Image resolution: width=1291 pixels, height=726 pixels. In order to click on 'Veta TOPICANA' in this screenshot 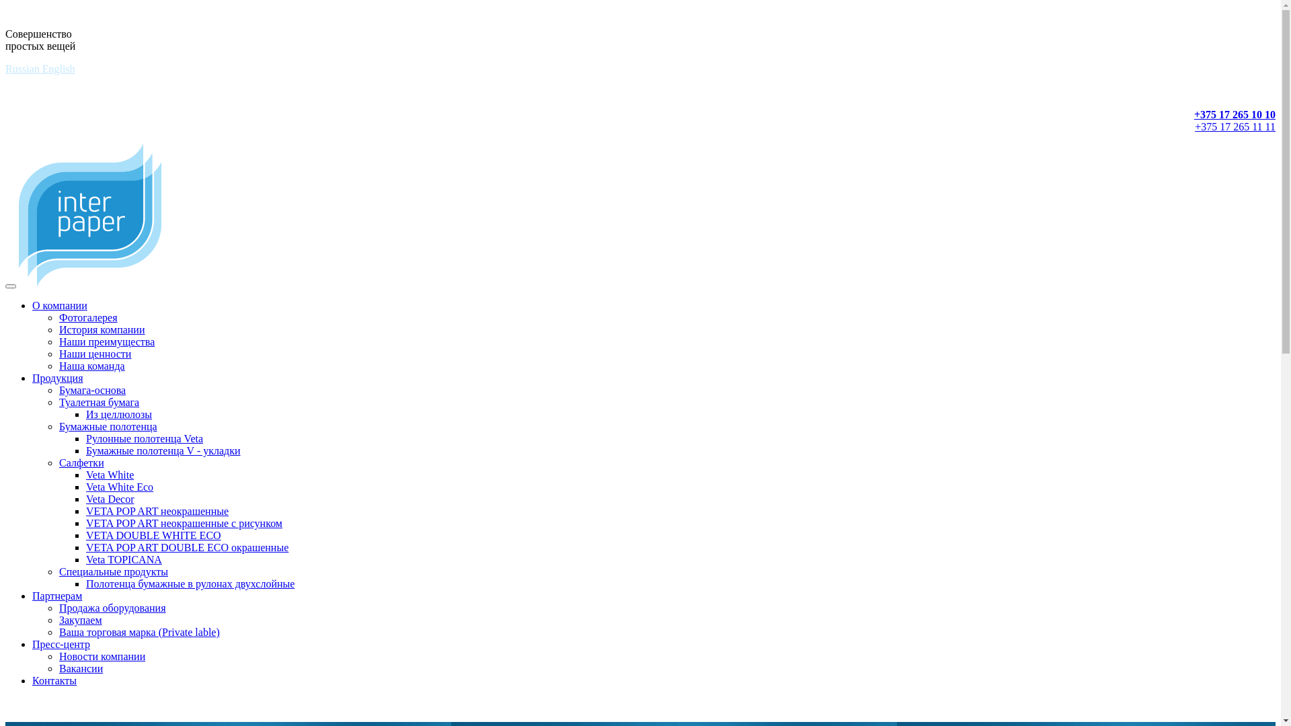, I will do `click(124, 559)`.